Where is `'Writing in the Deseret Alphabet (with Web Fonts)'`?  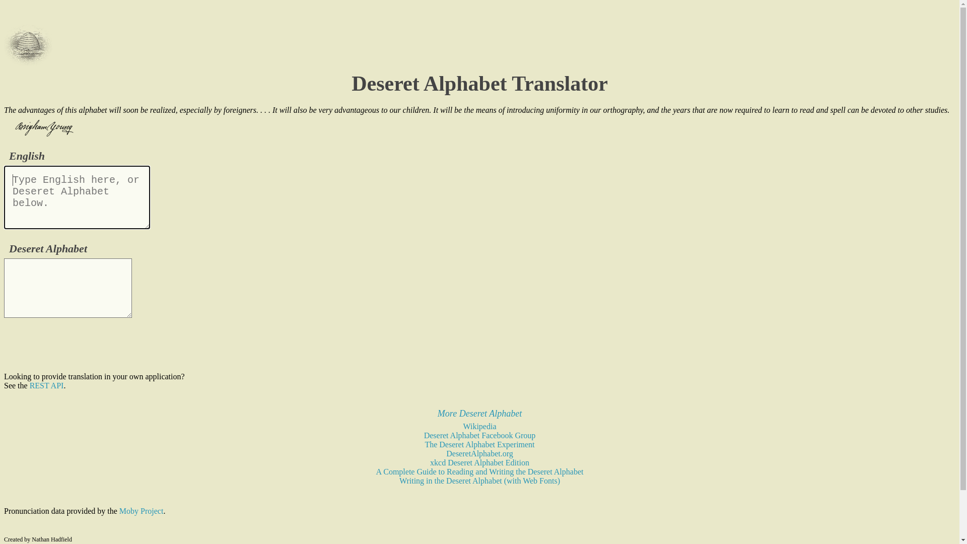
'Writing in the Deseret Alphabet (with Web Fonts)' is located at coordinates (398, 480).